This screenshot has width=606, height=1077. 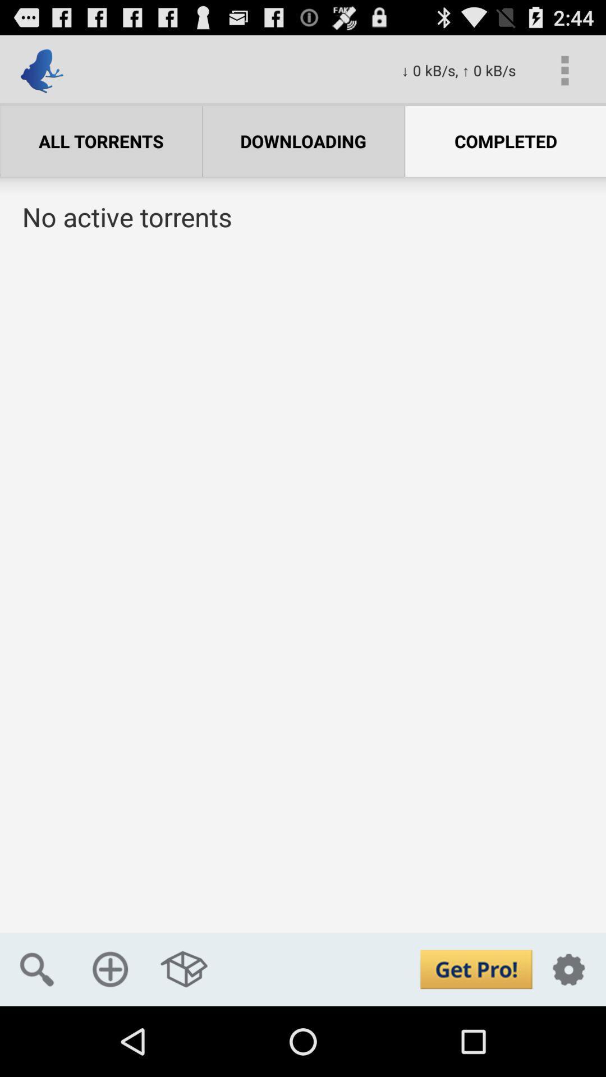 What do you see at coordinates (476, 969) in the screenshot?
I see `upgrade account` at bounding box center [476, 969].